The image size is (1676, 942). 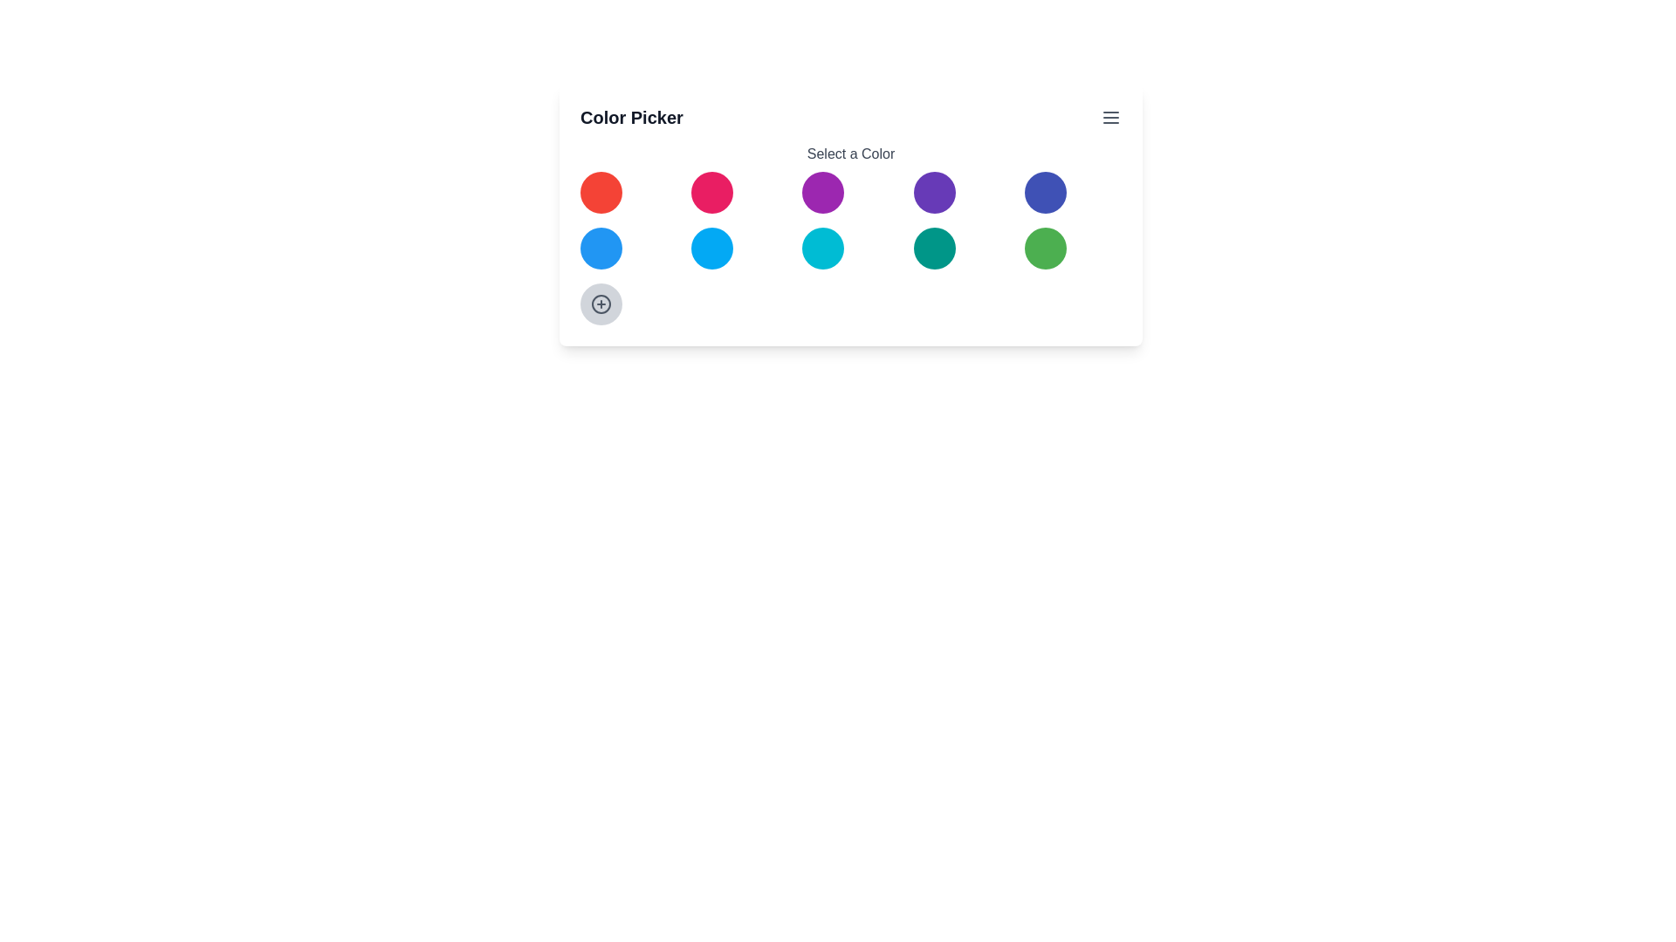 What do you see at coordinates (933, 192) in the screenshot?
I see `the color circle with color deep purple` at bounding box center [933, 192].